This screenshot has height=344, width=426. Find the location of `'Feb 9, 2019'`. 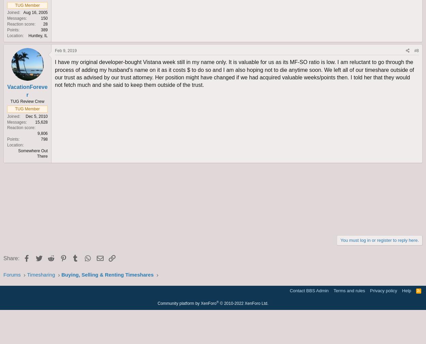

'Feb 9, 2019' is located at coordinates (55, 50).